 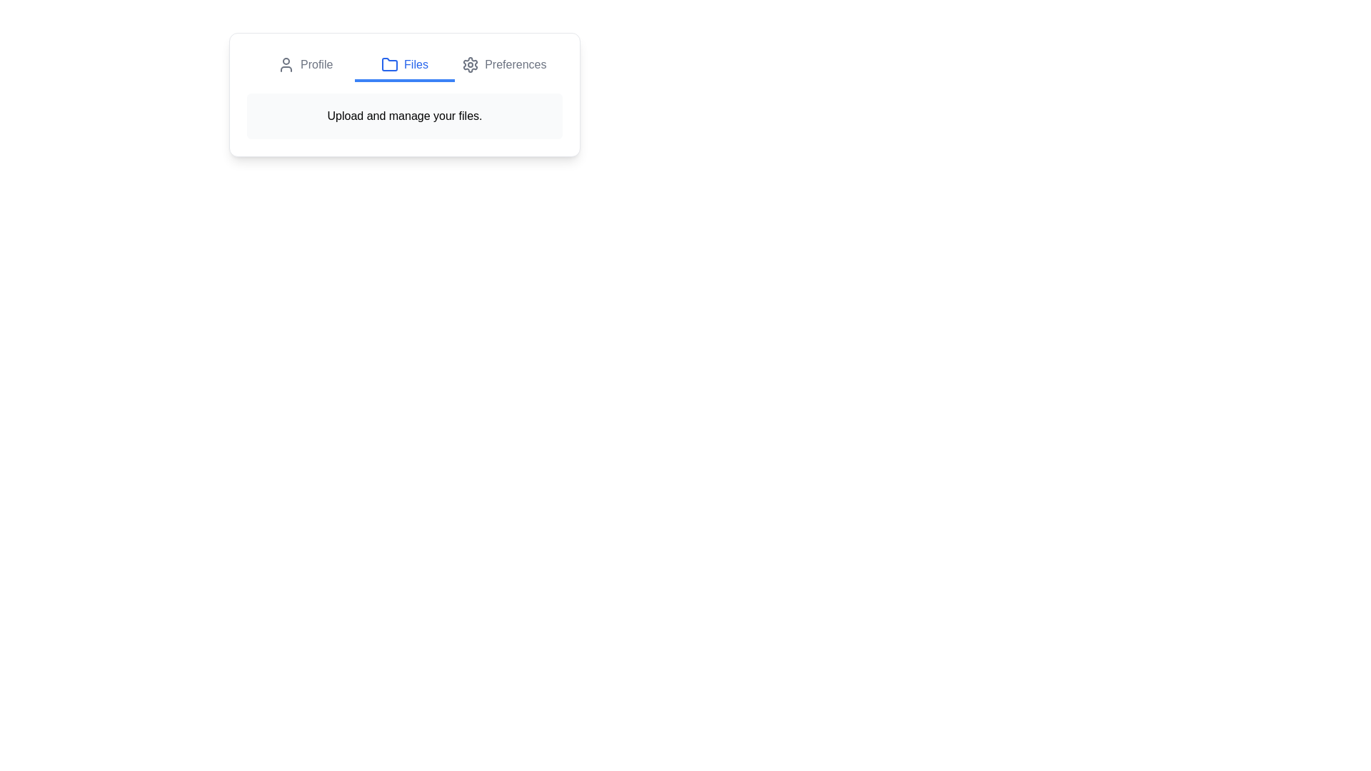 What do you see at coordinates (304, 66) in the screenshot?
I see `the Profile tab to view its content` at bounding box center [304, 66].